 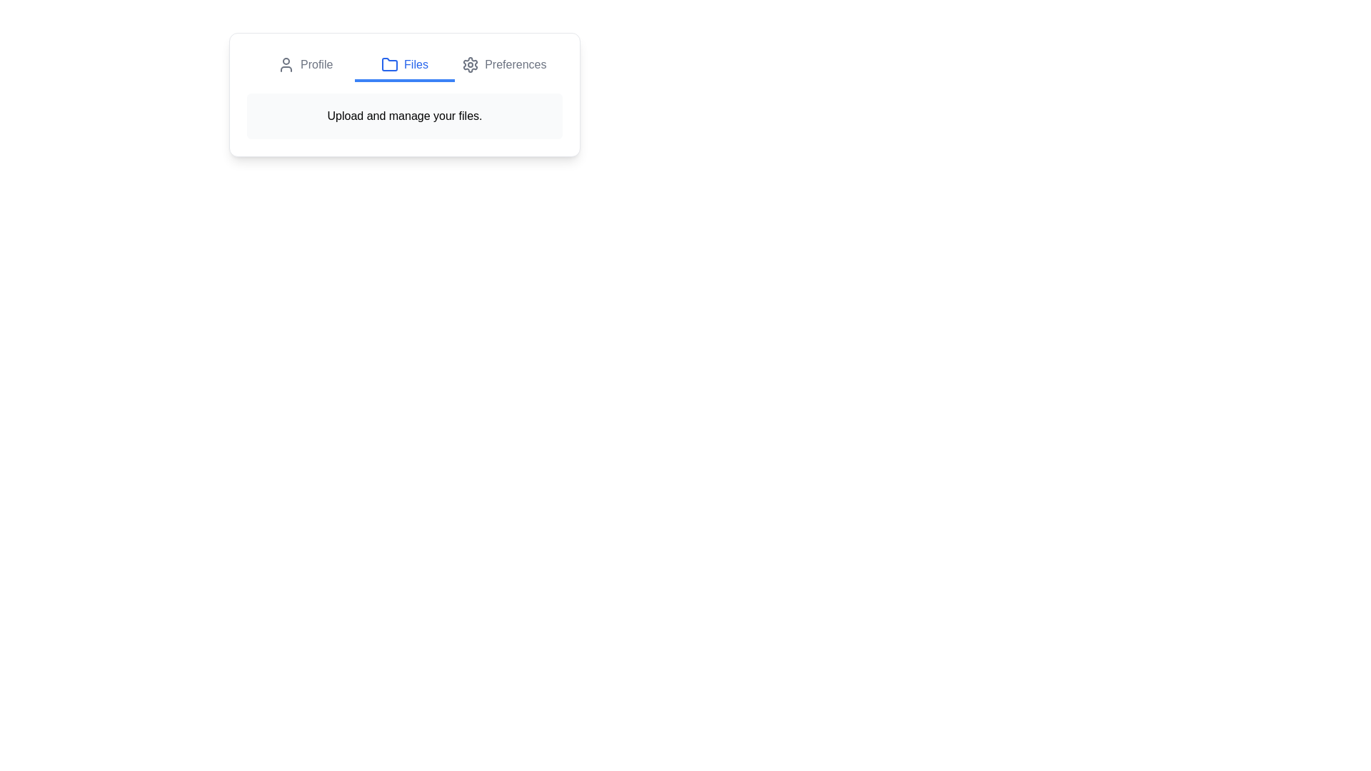 What do you see at coordinates (304, 66) in the screenshot?
I see `the Profile tab to view its content` at bounding box center [304, 66].